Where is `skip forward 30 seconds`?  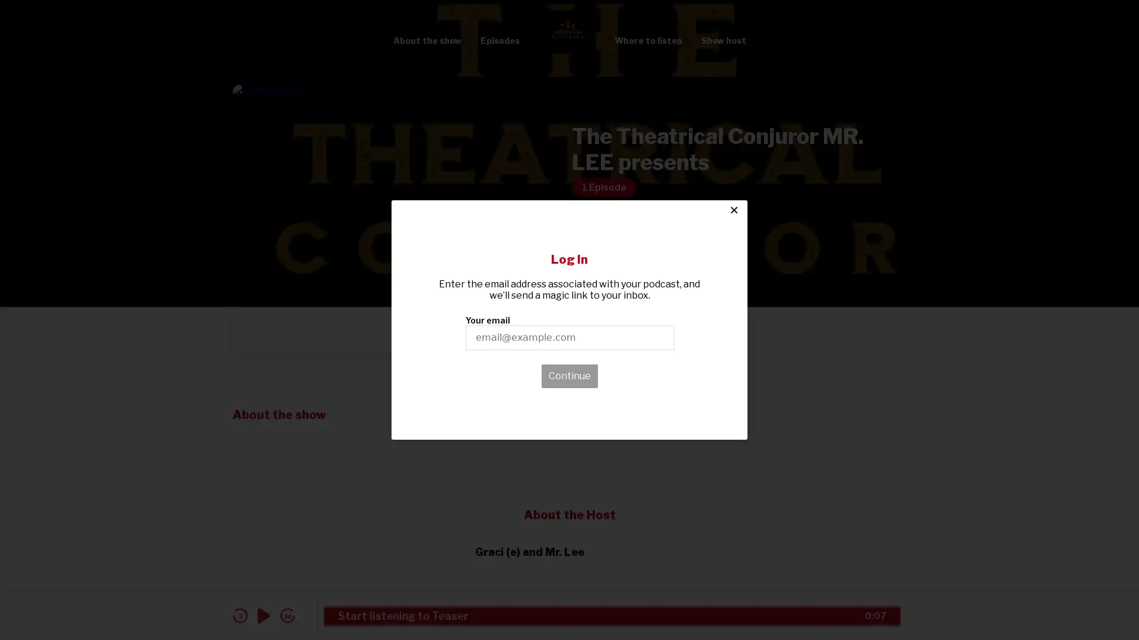 skip forward 30 seconds is located at coordinates (287, 615).